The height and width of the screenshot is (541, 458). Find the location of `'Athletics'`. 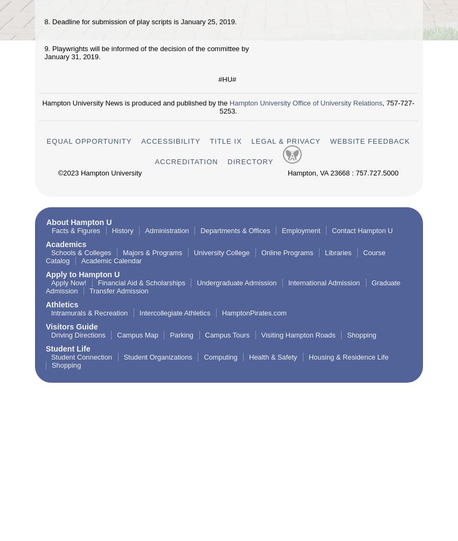

'Athletics' is located at coordinates (61, 304).